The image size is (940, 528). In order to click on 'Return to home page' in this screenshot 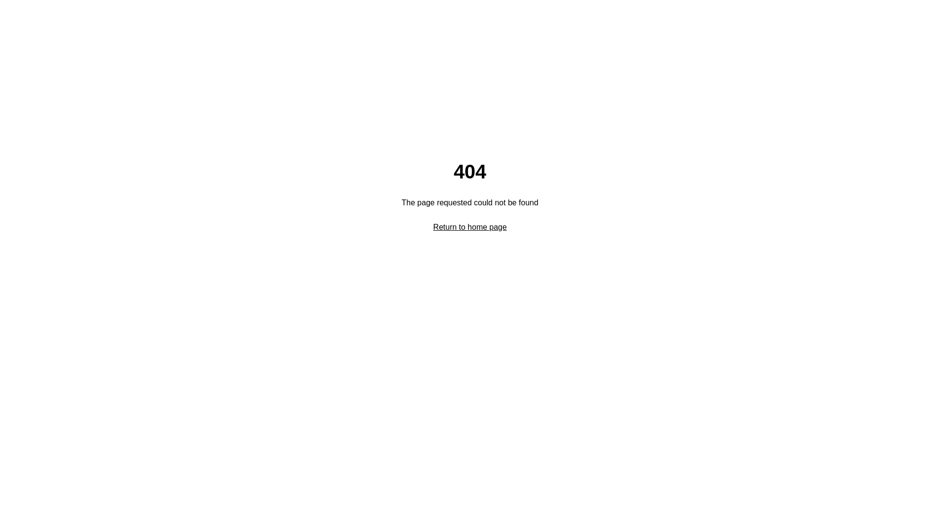, I will do `click(470, 227)`.